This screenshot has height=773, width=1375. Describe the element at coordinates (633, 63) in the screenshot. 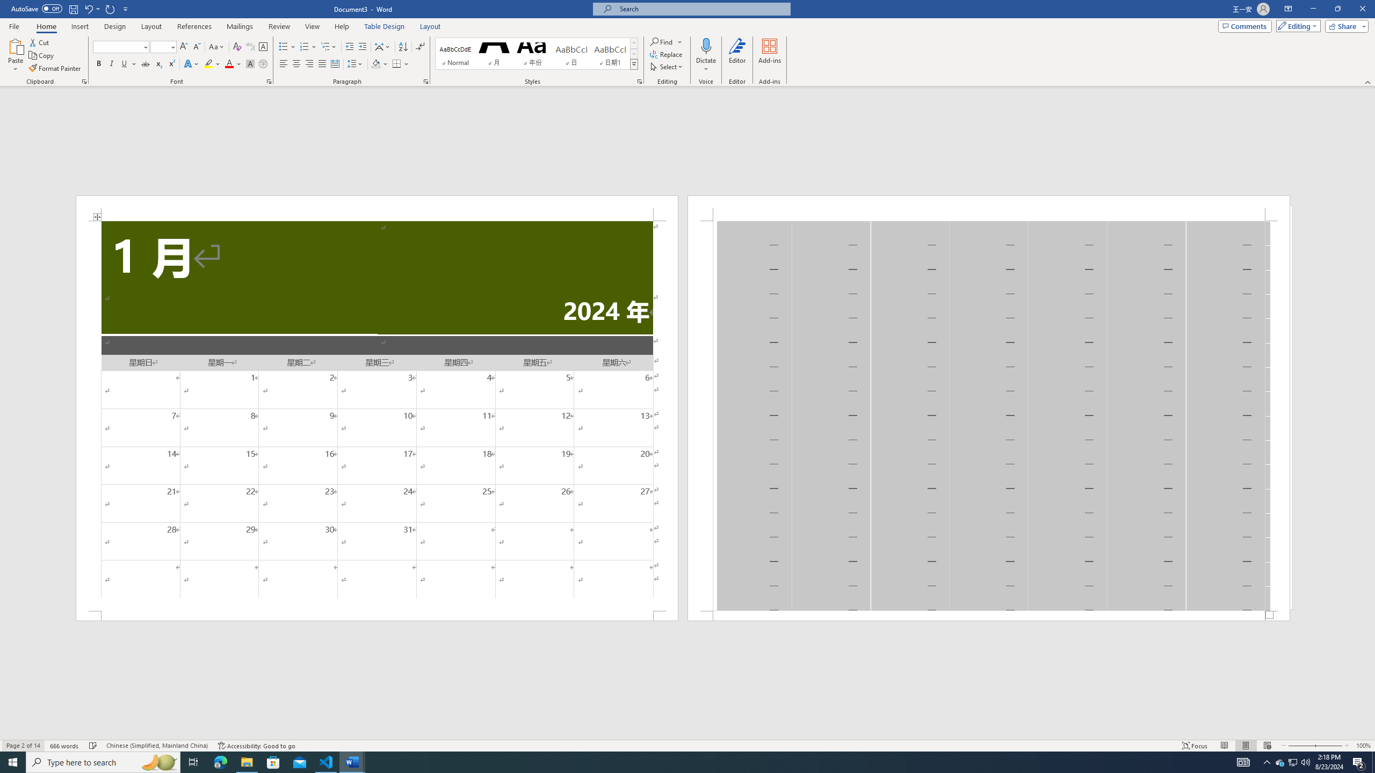

I see `'Styles'` at that location.